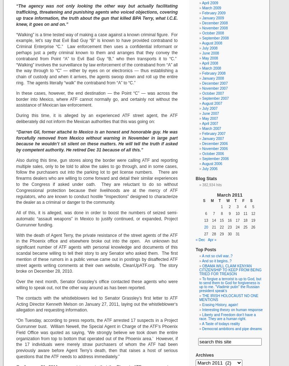  What do you see at coordinates (214, 73) in the screenshot?
I see `'February 2008'` at bounding box center [214, 73].